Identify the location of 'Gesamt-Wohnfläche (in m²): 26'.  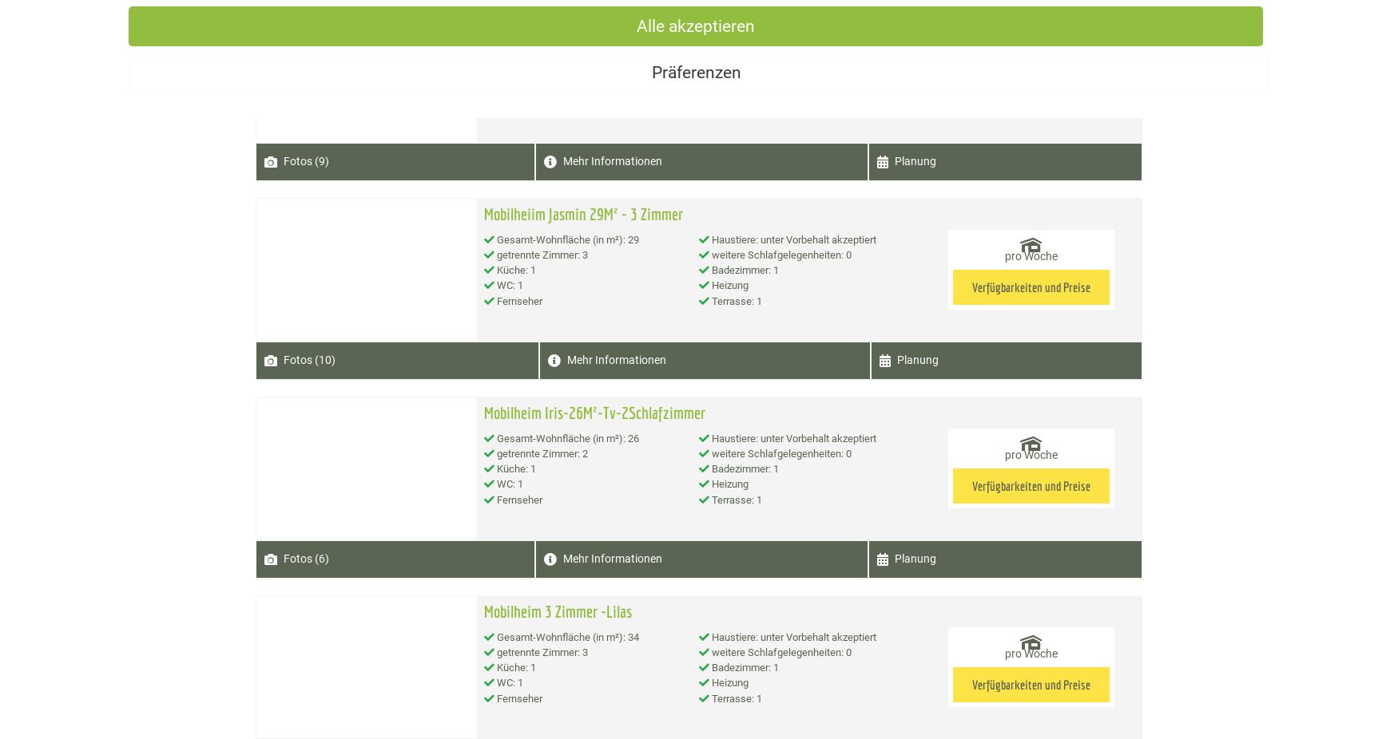
(566, 437).